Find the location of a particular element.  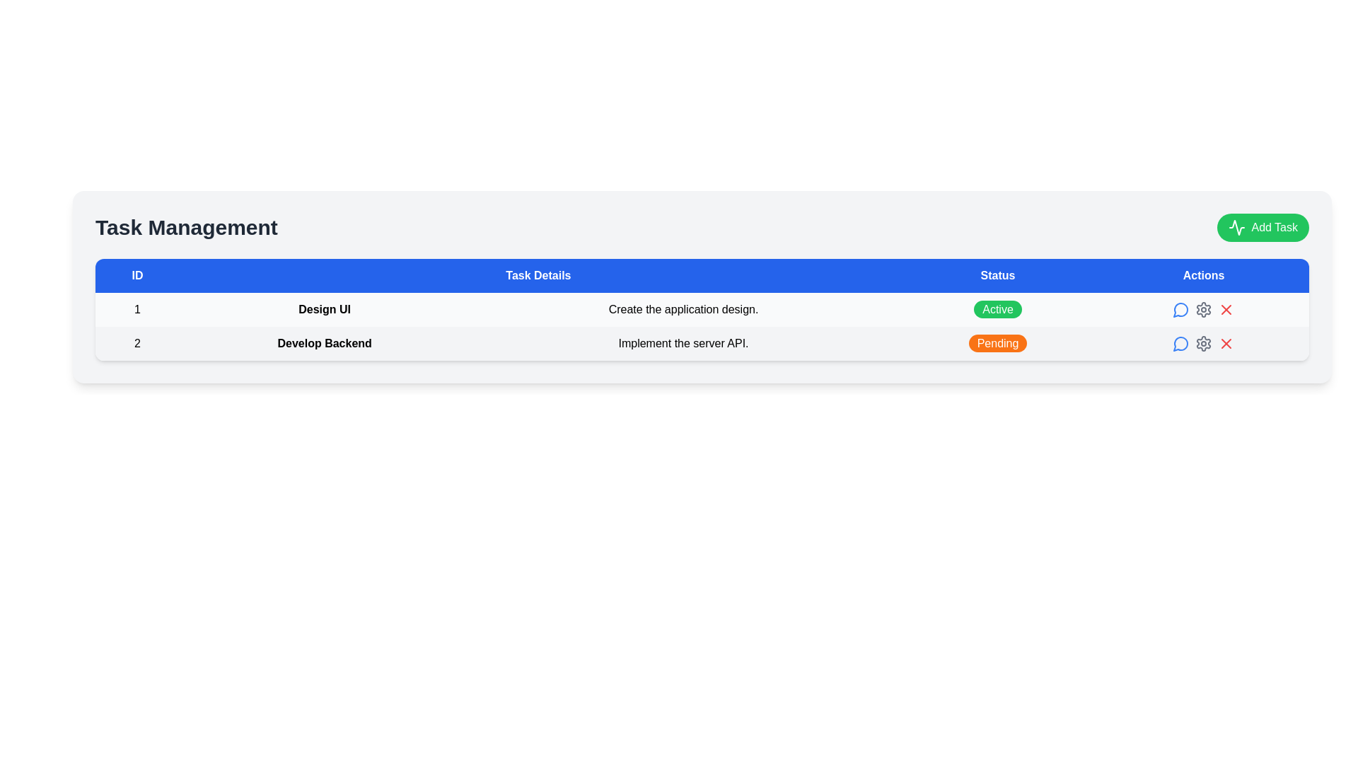

the text label reading 'Create the application design.' located in the third column of the first data row under the 'Task Details' header in the table is located at coordinates (683, 309).